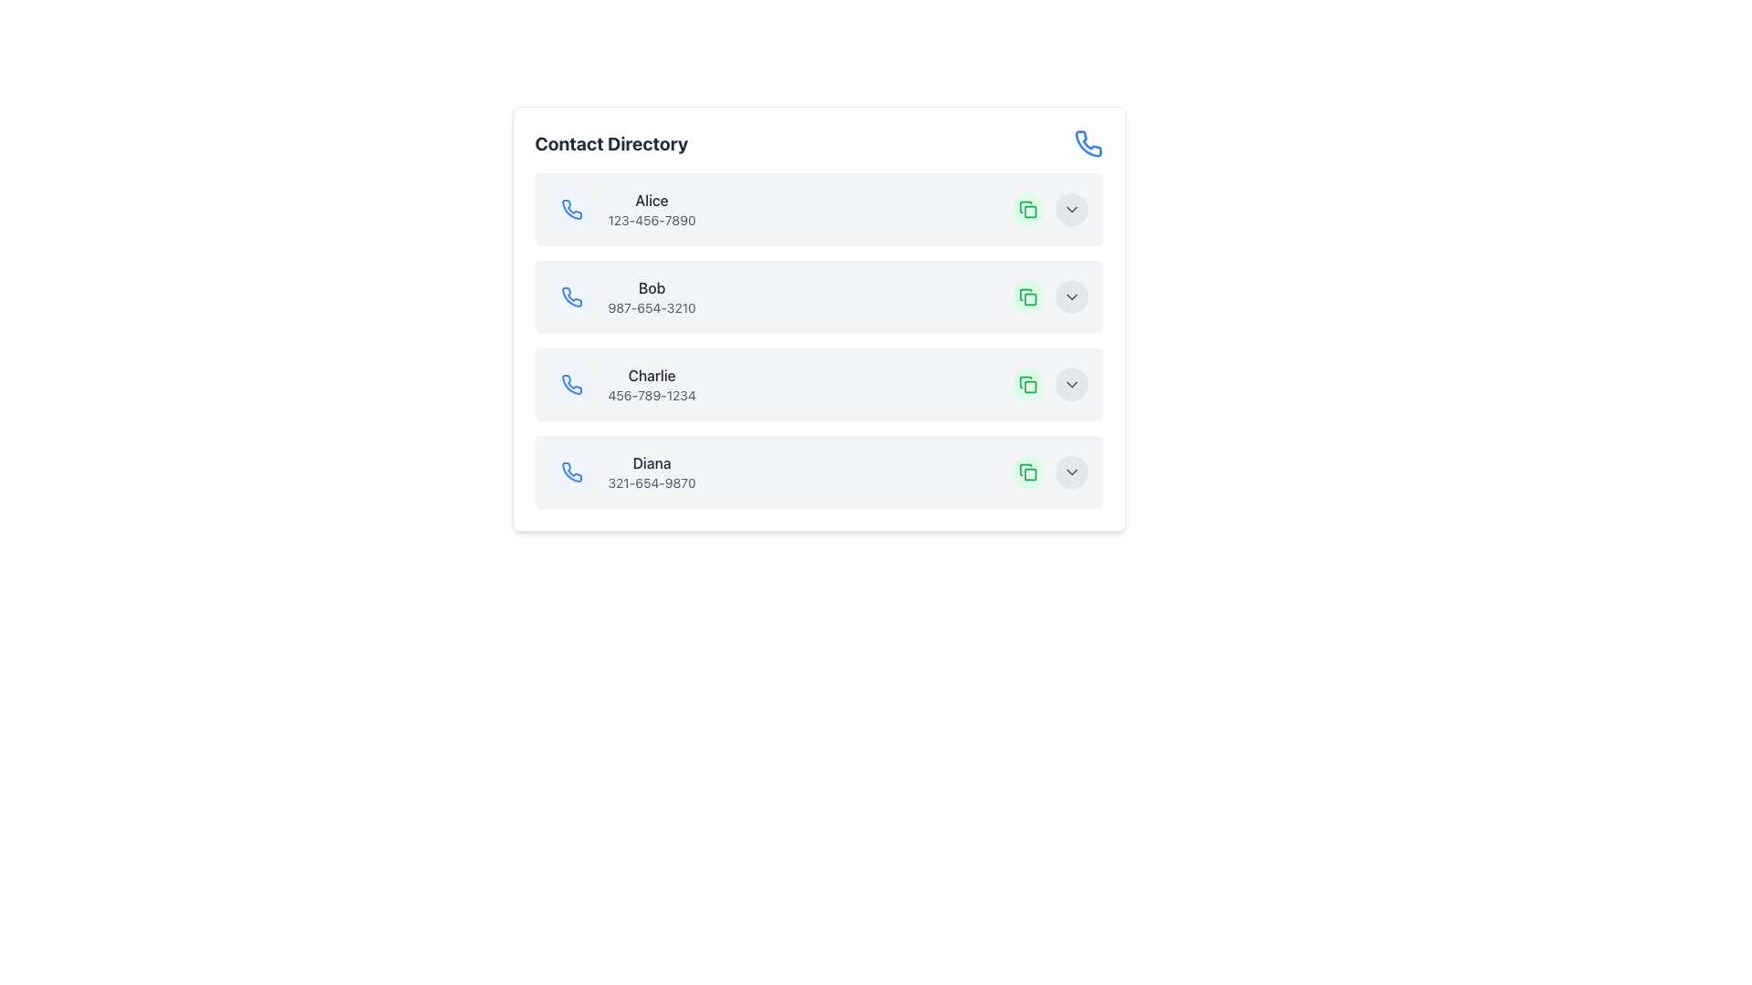  Describe the element at coordinates (570, 208) in the screenshot. I see `the blue phone icon in Alice's contact card, which is positioned to the left of her name and phone number` at that location.